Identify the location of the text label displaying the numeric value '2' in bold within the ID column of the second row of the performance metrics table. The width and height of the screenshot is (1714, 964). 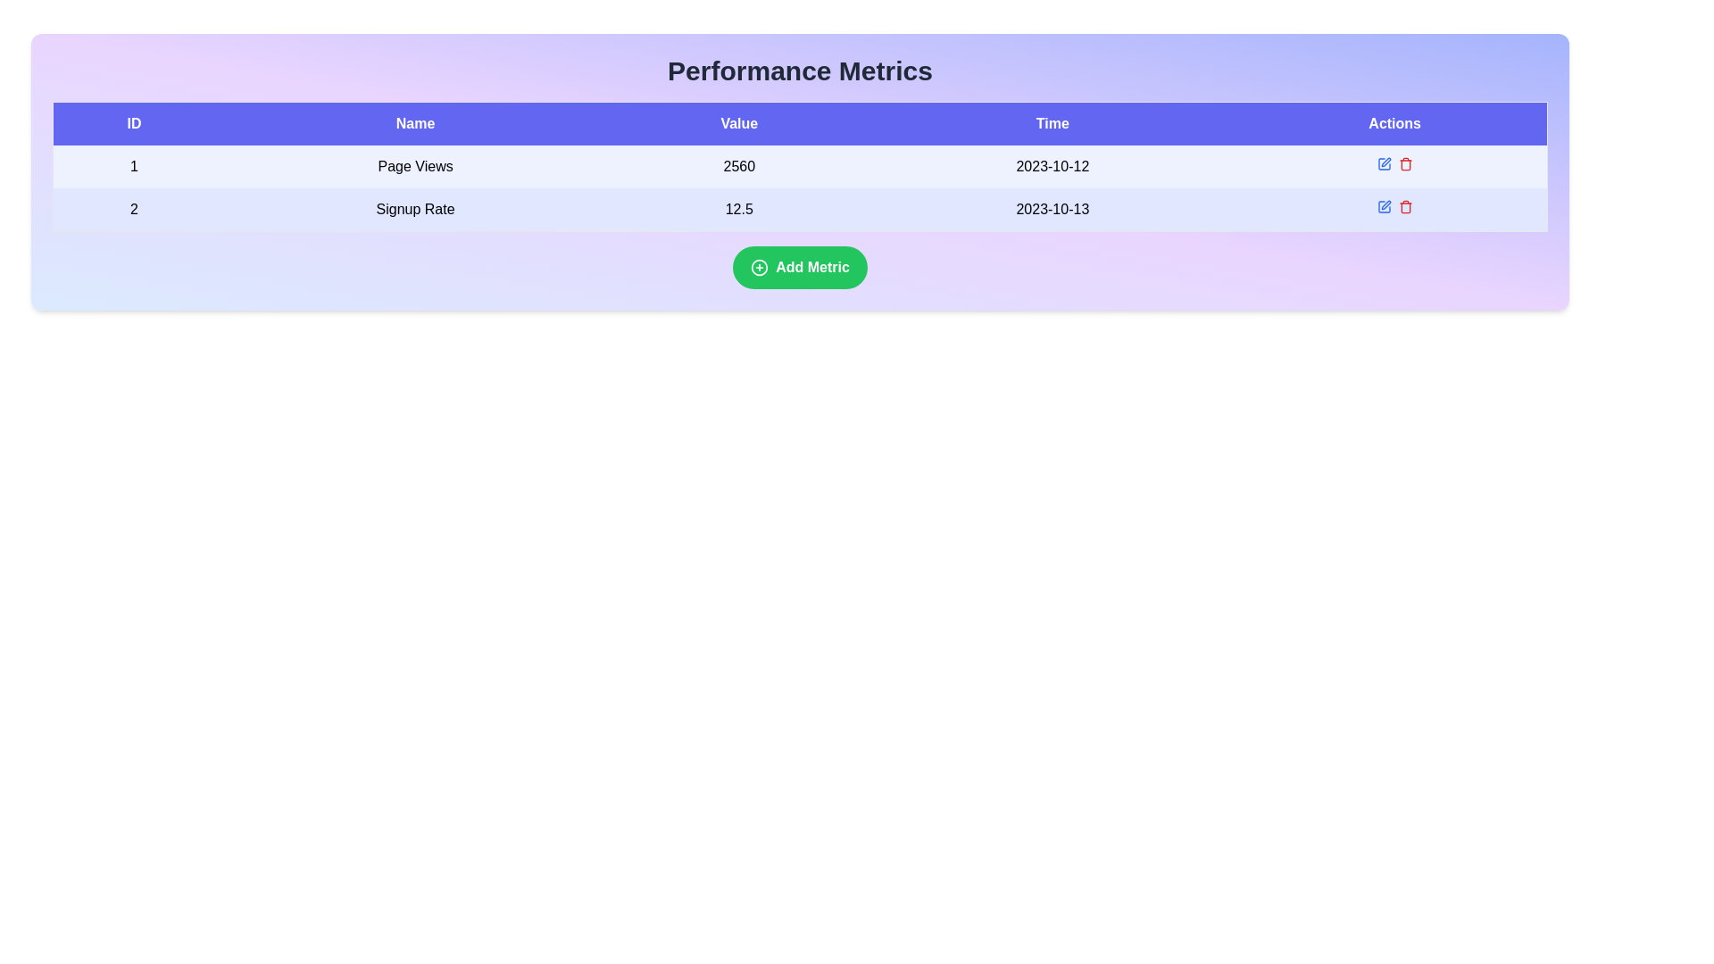
(133, 209).